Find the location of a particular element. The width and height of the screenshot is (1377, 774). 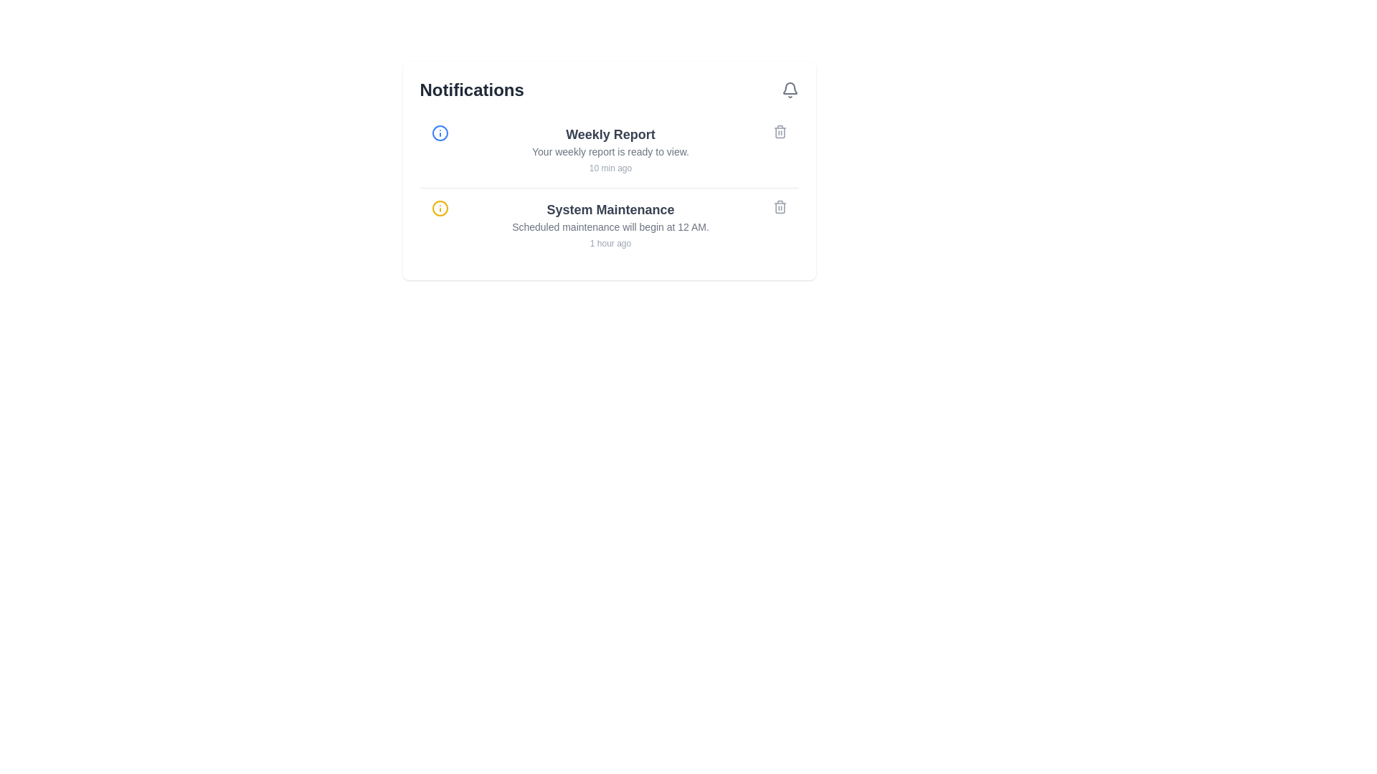

the prominent gray bell-shaped icon located at the top-right corner of the Notification section is located at coordinates (789, 90).